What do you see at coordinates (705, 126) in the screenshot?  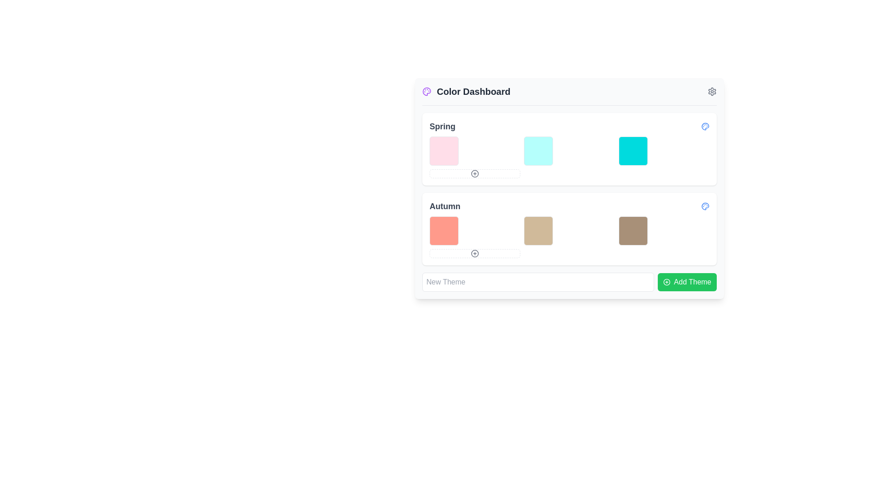 I see `the small blue palette icon located in the top-right corner of the 'Spring' section in the Color Dashboard, adjacent to the text 'Spring'` at bounding box center [705, 126].